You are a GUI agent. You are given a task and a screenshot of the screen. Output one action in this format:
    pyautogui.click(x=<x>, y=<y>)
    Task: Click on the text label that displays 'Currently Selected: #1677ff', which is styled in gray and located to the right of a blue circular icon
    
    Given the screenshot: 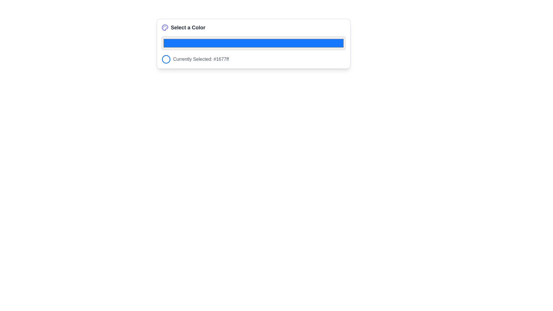 What is the action you would take?
    pyautogui.click(x=201, y=59)
    